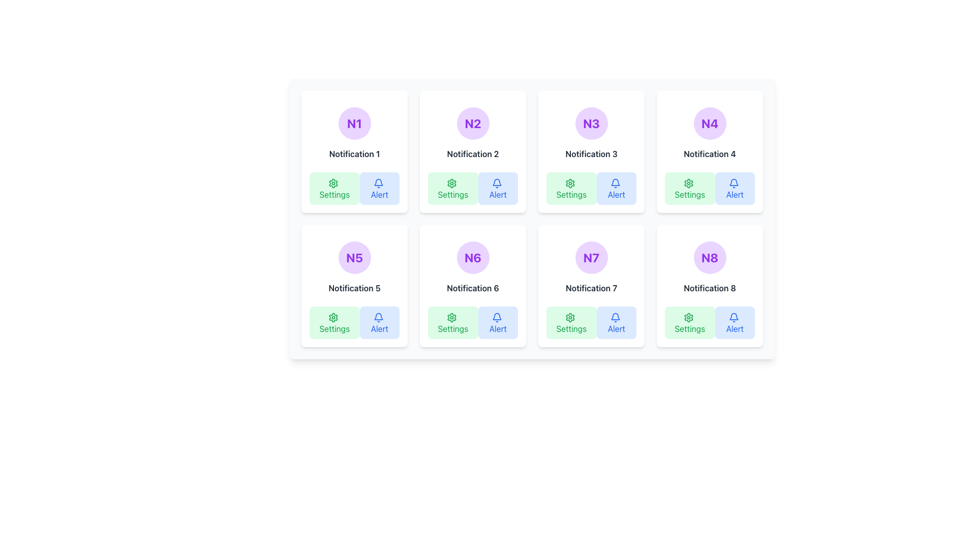 This screenshot has width=976, height=549. What do you see at coordinates (591, 154) in the screenshot?
I see `the text label displaying 'Notification 3', which is centrally located in the third notification card on the top row of a grid layout` at bounding box center [591, 154].